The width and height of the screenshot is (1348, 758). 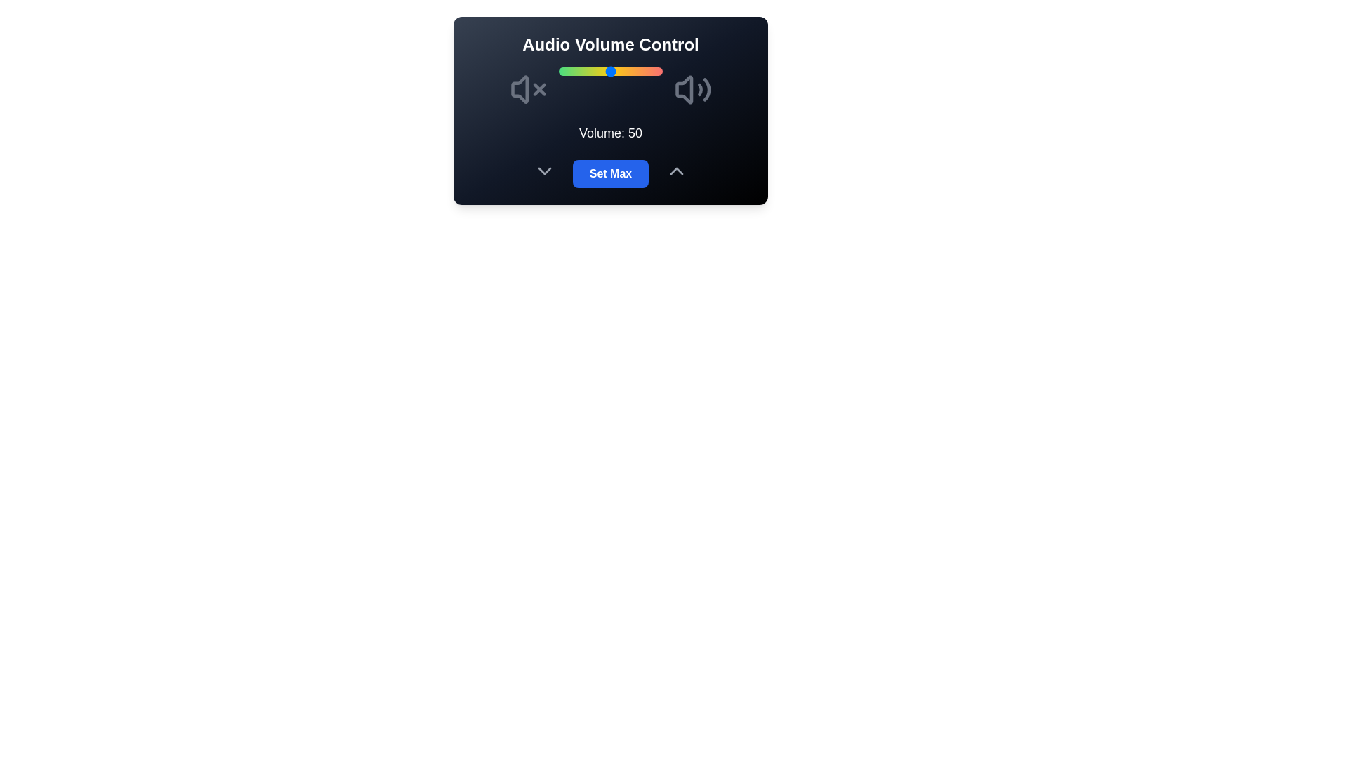 I want to click on the volume slider to 96 percent, so click(x=658, y=71).